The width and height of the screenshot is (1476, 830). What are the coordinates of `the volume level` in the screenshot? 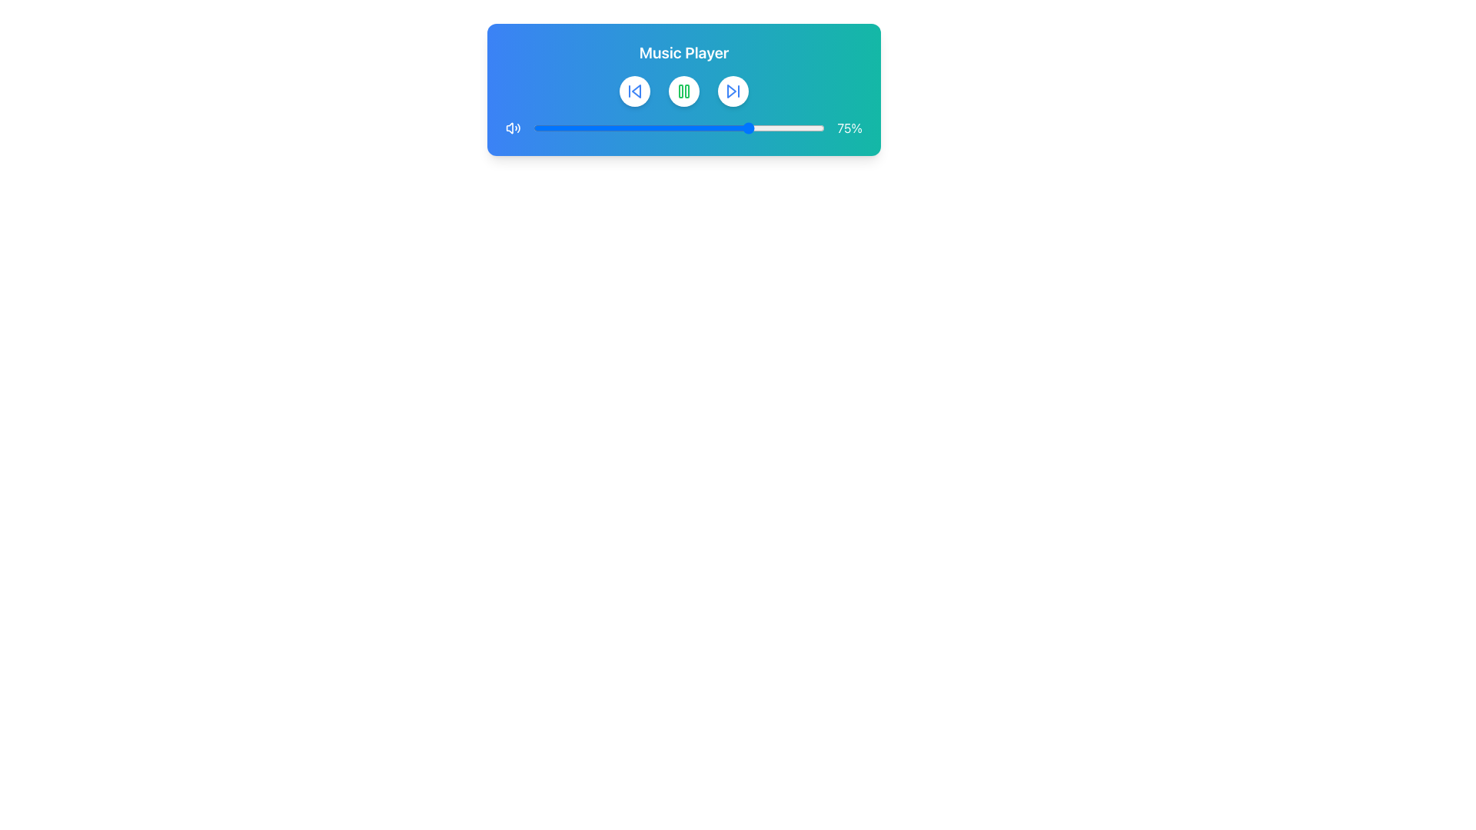 It's located at (710, 127).